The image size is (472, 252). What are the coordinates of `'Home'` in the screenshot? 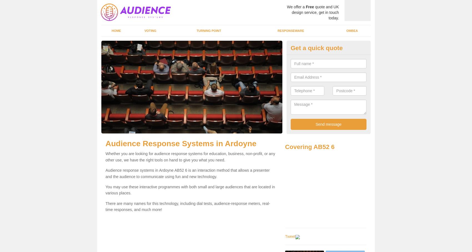 It's located at (116, 31).